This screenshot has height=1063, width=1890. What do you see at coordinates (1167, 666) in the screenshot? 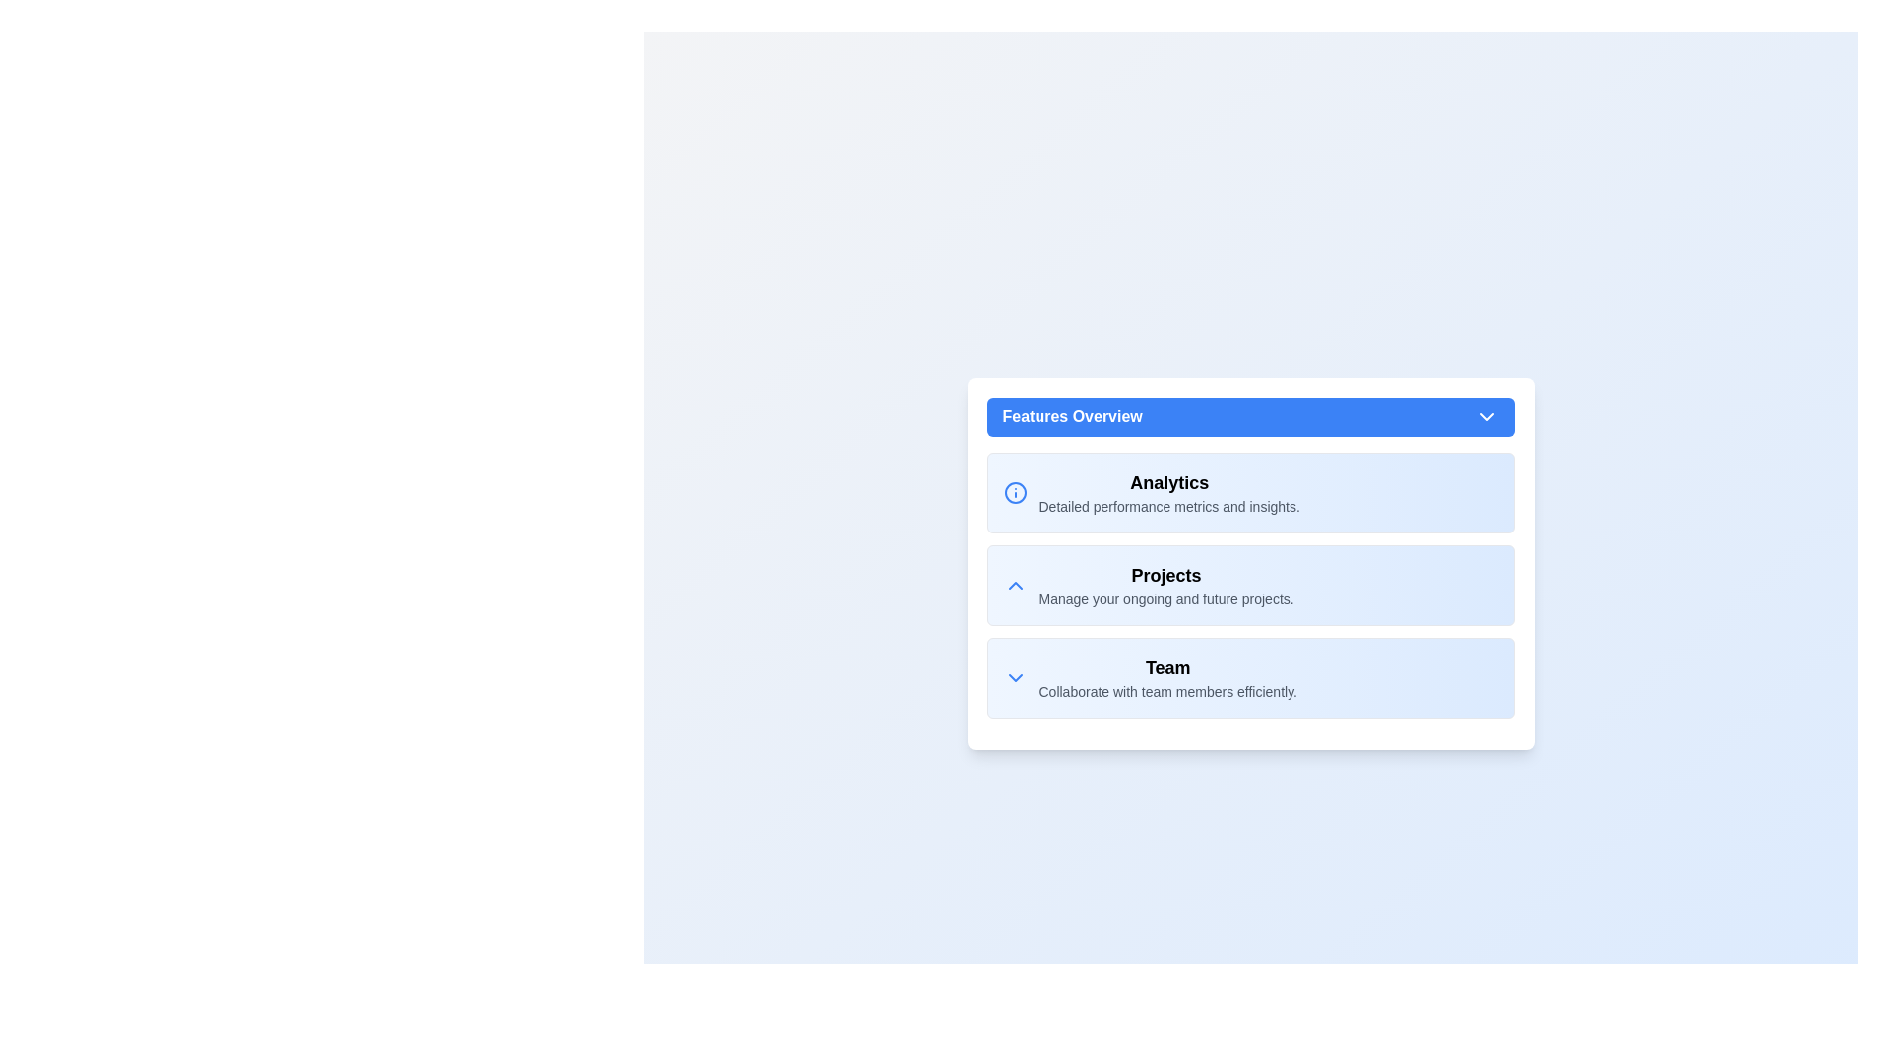
I see `text label titled 'Team', which is styled with bold font and is positioned within the third card of the 'Features Overview' section` at bounding box center [1167, 666].